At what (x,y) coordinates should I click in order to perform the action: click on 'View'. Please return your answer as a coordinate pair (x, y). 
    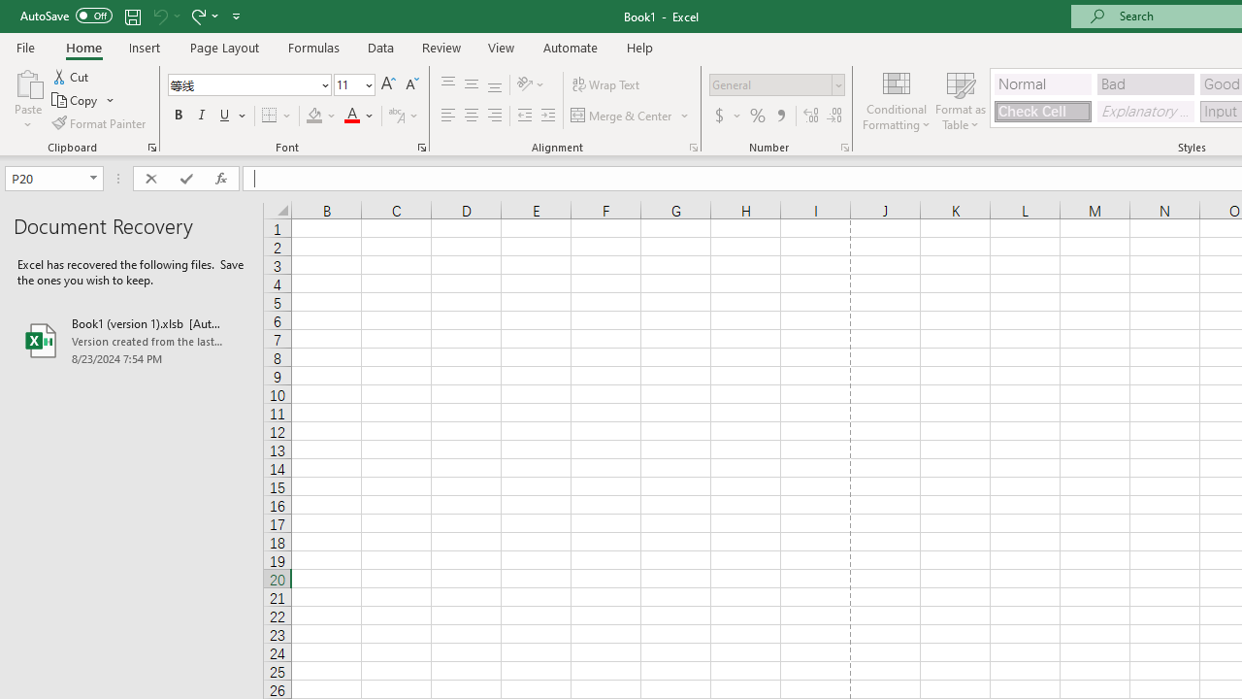
    Looking at the image, I should click on (502, 47).